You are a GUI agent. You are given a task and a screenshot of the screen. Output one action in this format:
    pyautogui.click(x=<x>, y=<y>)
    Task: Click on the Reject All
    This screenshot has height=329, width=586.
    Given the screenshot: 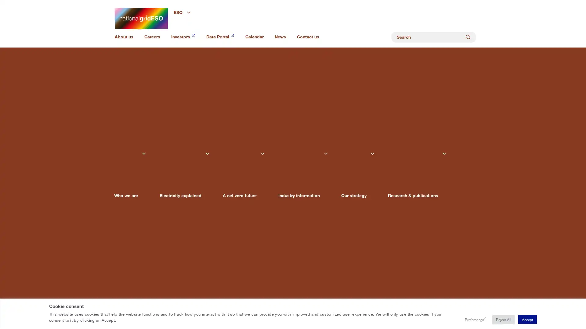 What is the action you would take?
    pyautogui.click(x=498, y=319)
    